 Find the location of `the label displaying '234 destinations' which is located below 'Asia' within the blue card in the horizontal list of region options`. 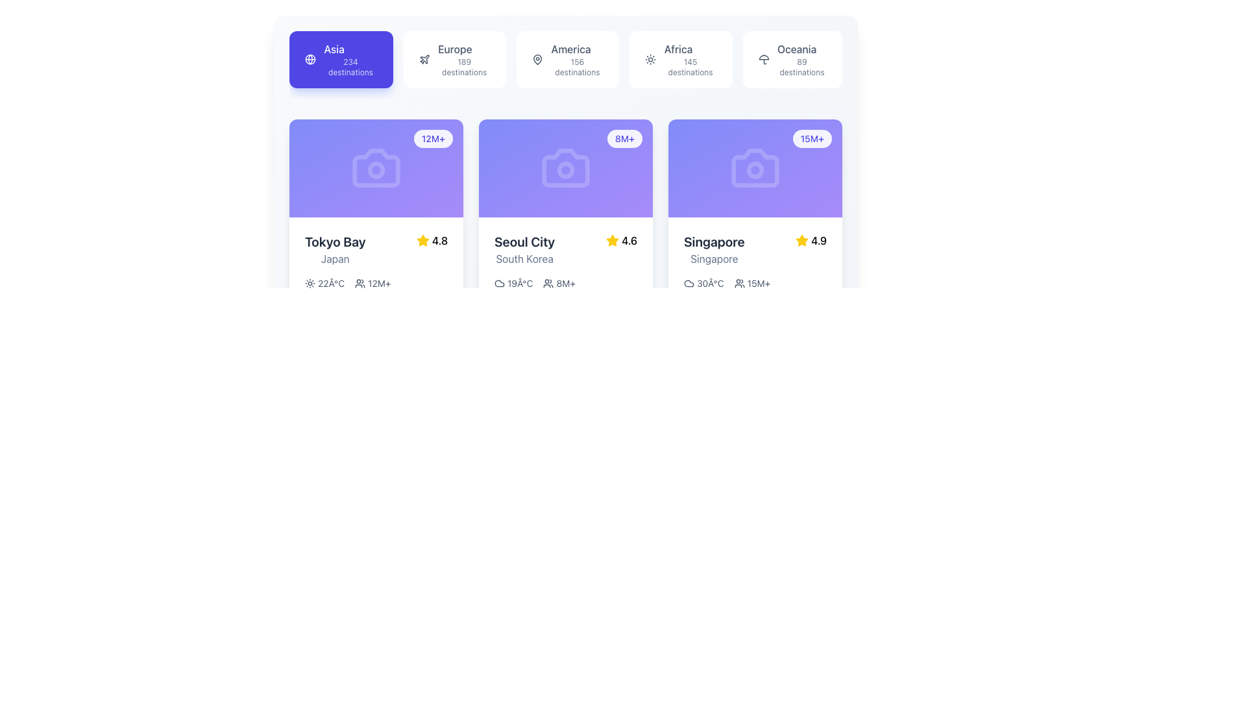

the label displaying '234 destinations' which is located below 'Asia' within the blue card in the horizontal list of region options is located at coordinates (350, 68).